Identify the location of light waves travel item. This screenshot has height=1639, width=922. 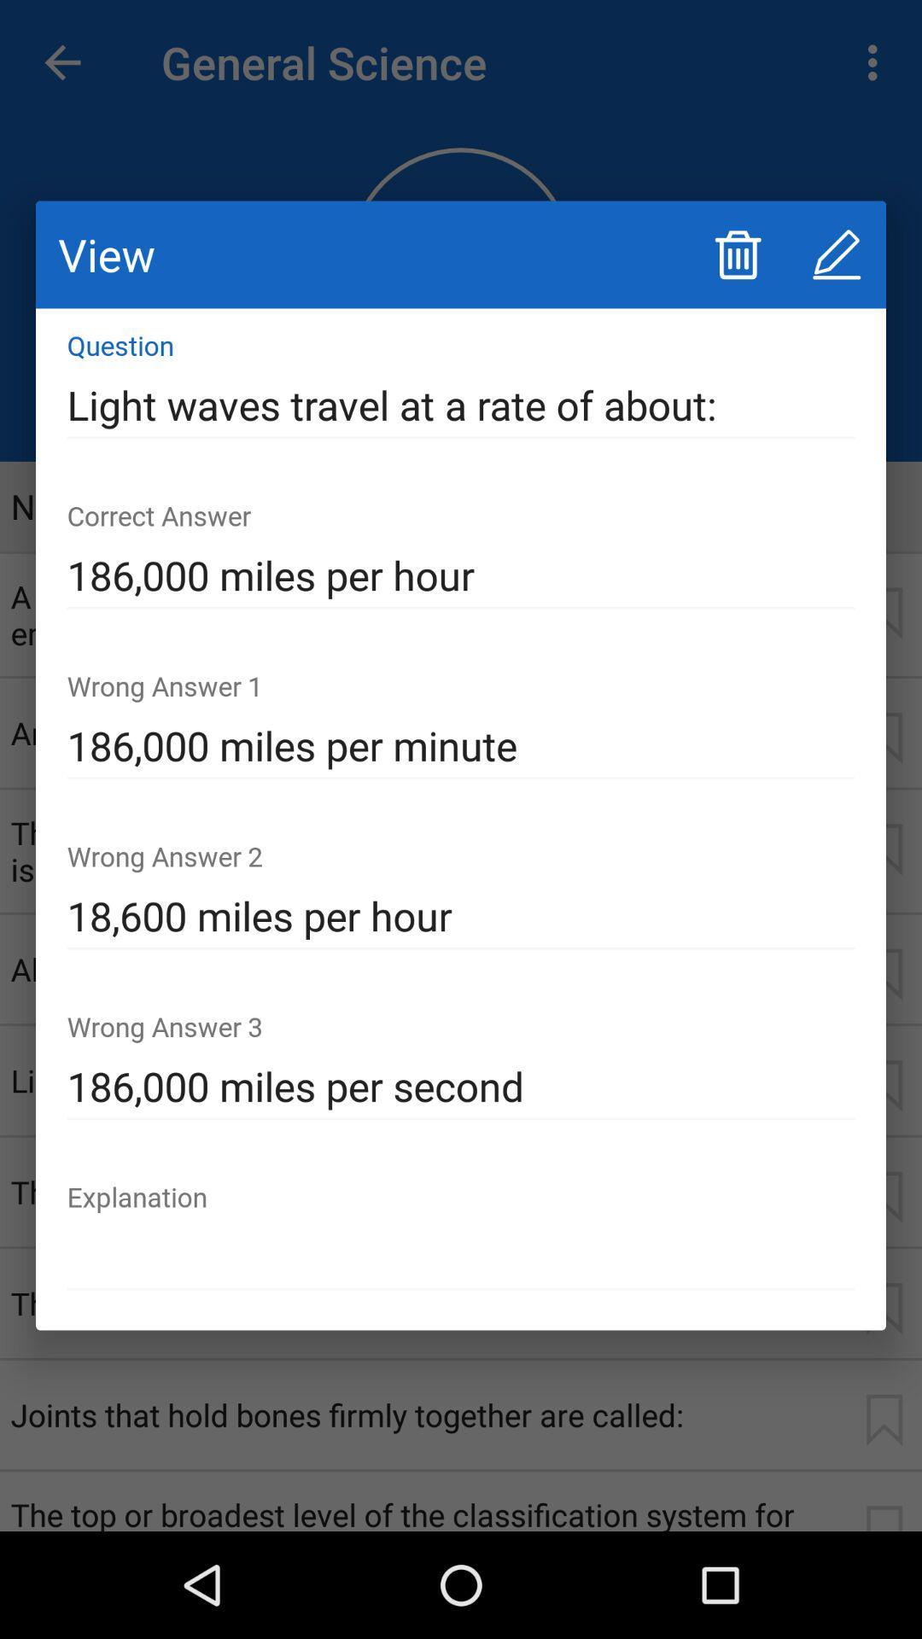
(461, 405).